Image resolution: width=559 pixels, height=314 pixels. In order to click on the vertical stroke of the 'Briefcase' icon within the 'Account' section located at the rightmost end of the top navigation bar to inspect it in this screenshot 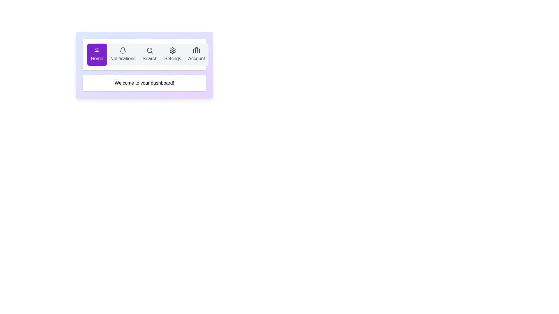, I will do `click(197, 50)`.